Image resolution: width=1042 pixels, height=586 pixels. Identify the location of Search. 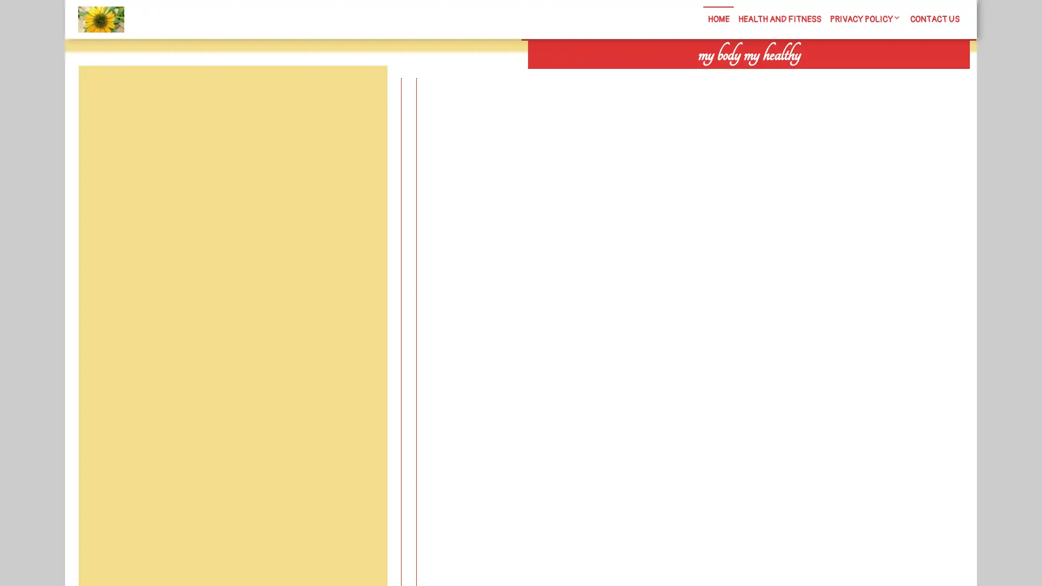
(362, 91).